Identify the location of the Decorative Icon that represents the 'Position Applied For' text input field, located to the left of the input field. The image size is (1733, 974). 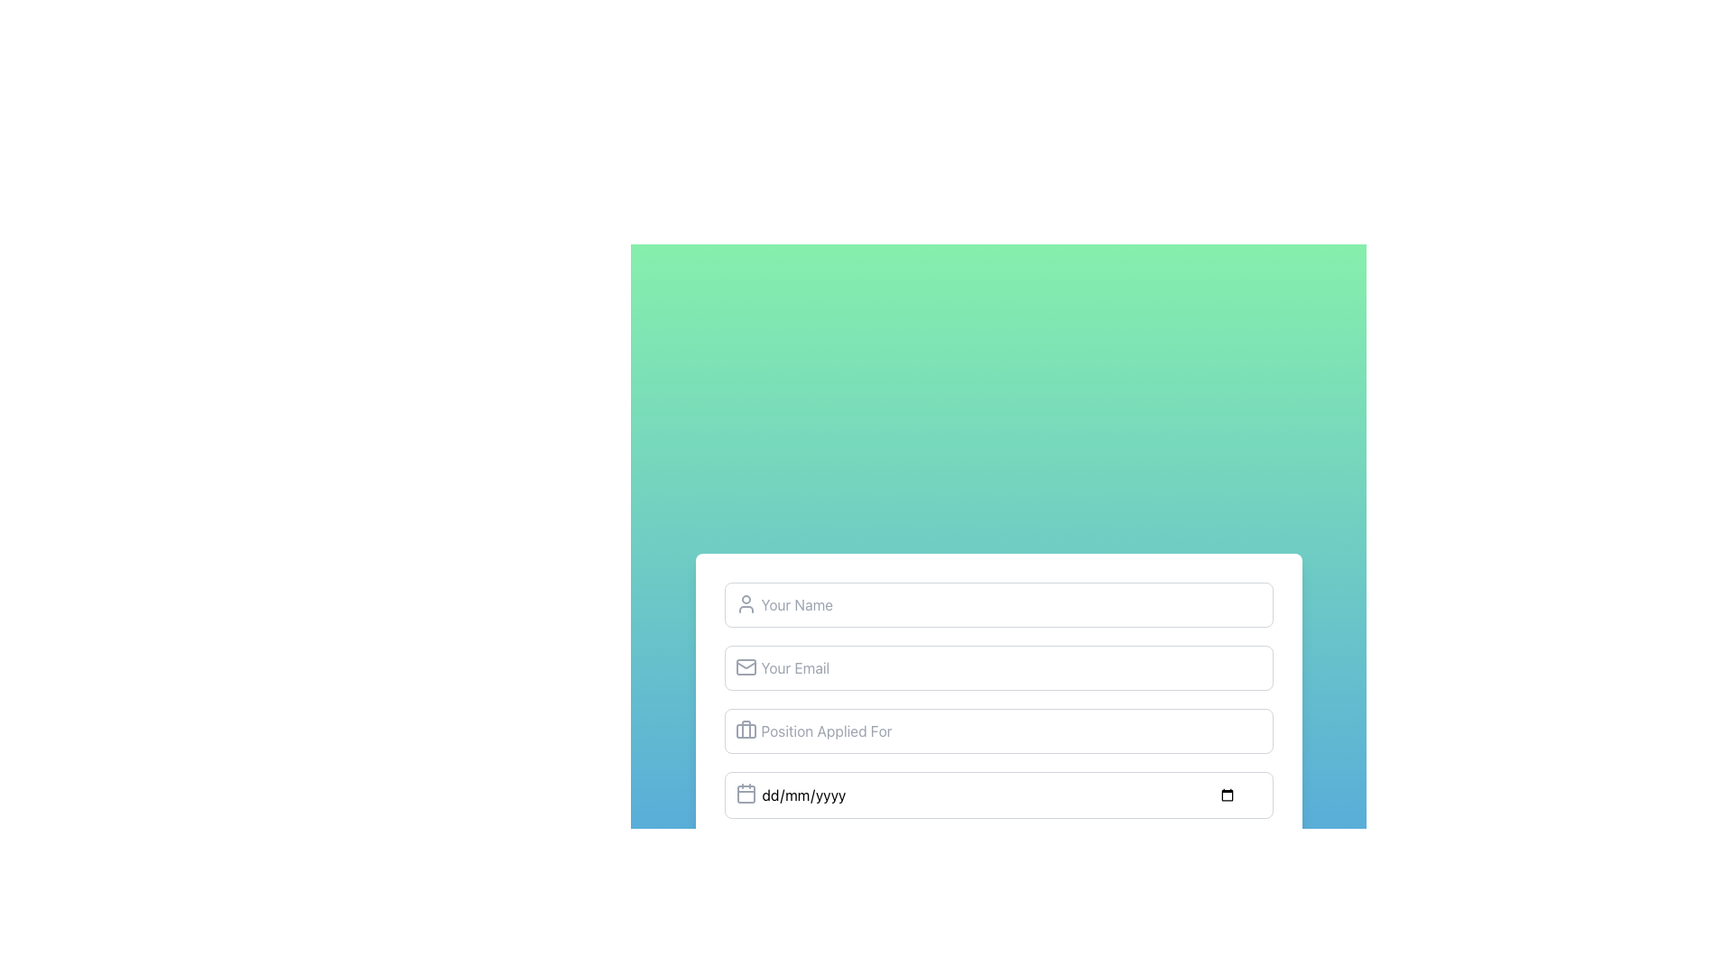
(746, 730).